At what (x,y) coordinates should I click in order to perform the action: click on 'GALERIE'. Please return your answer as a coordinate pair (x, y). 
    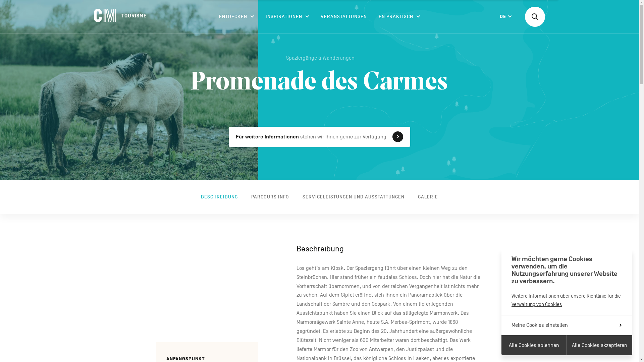
    Looking at the image, I should click on (428, 196).